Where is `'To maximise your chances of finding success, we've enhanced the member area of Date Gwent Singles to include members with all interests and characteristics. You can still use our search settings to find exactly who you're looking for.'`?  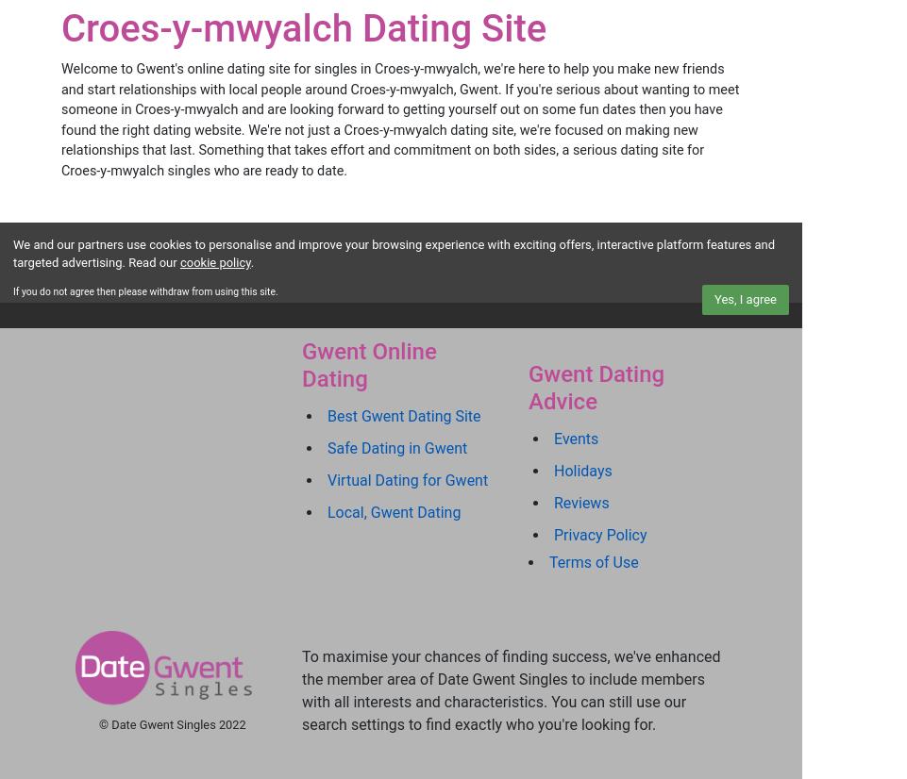
'To maximise your chances of finding success, we've enhanced the member area of Date Gwent Singles to include members with all interests and characteristics. You can still use our search settings to find exactly who you're looking for.' is located at coordinates (510, 689).